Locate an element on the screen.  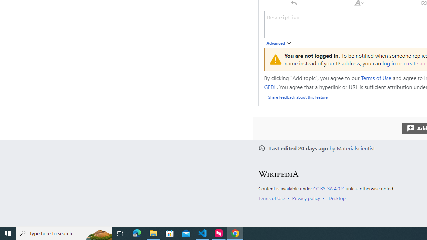
'Terms of Use' is located at coordinates (272, 198).